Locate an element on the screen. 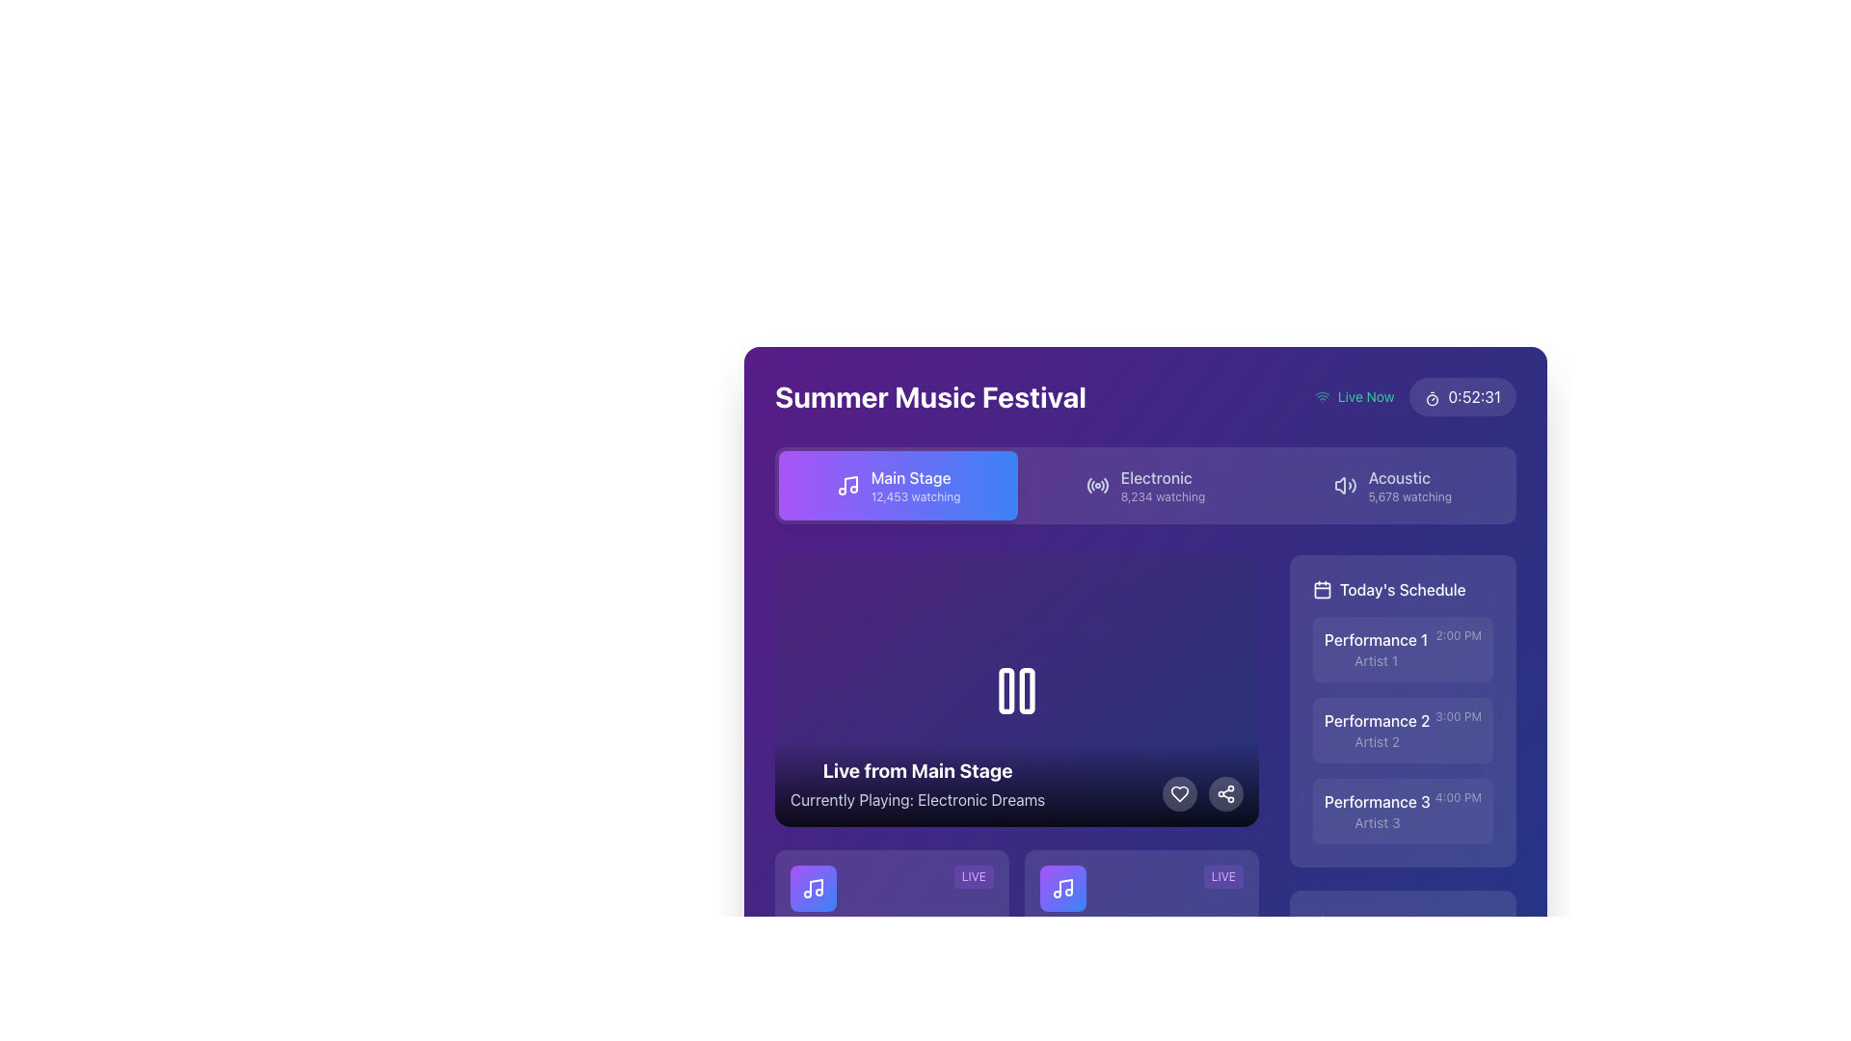 The width and height of the screenshot is (1851, 1041). 'Electronic' music stage label located at the top center-right part of the interface, between the 'Main Stage' and 'Acoustic' labels is located at coordinates (1162, 477).